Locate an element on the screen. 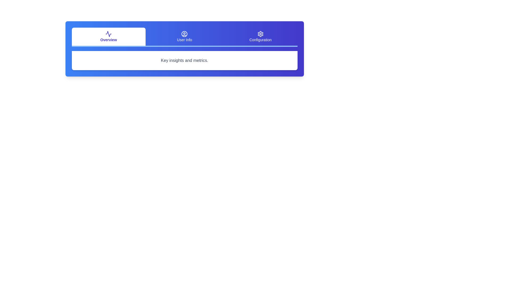  the Configuration tab to select it is located at coordinates (260, 36).